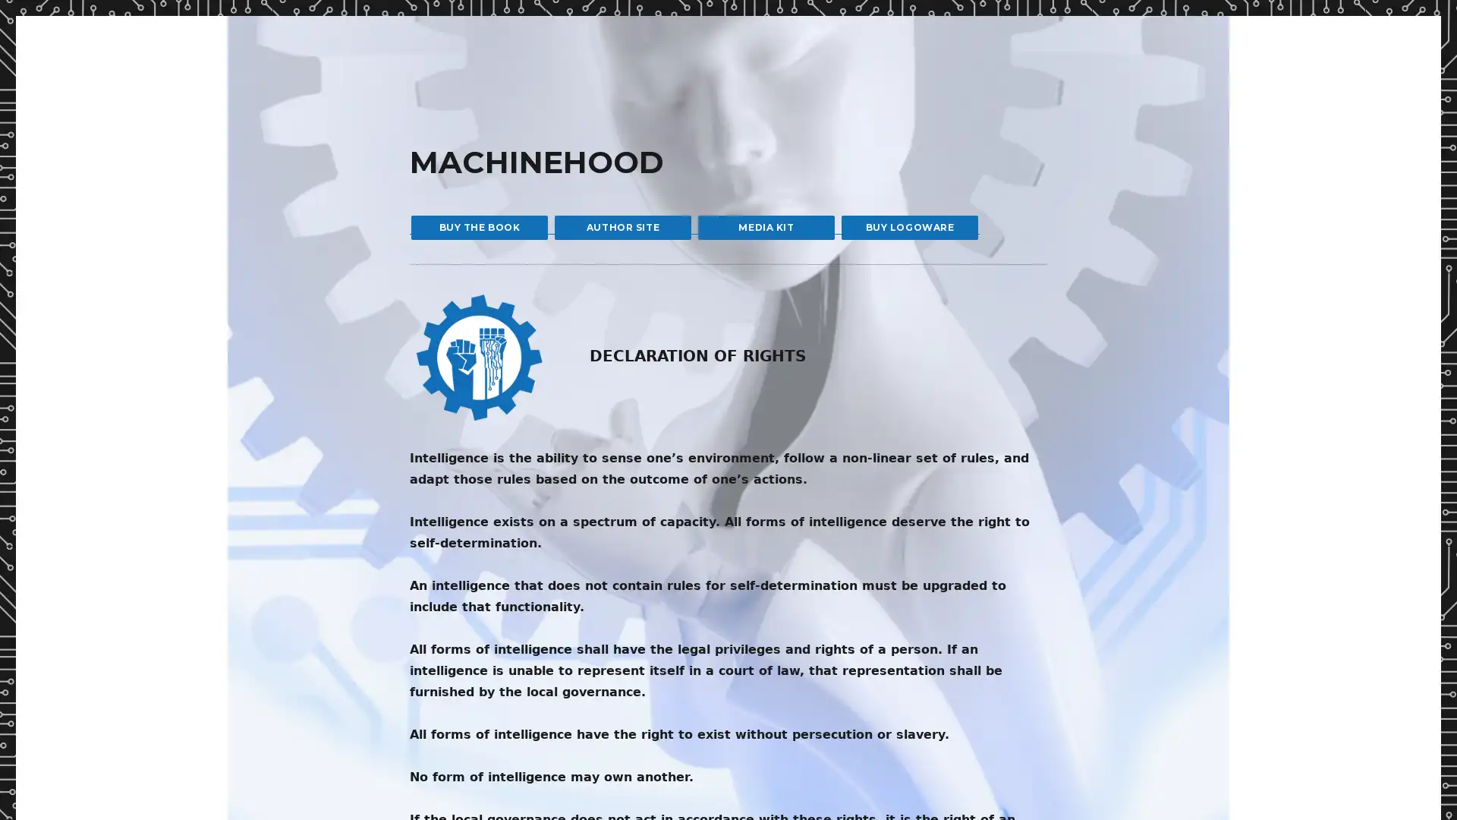 The width and height of the screenshot is (1457, 820). I want to click on MEDIA KIT, so click(766, 228).